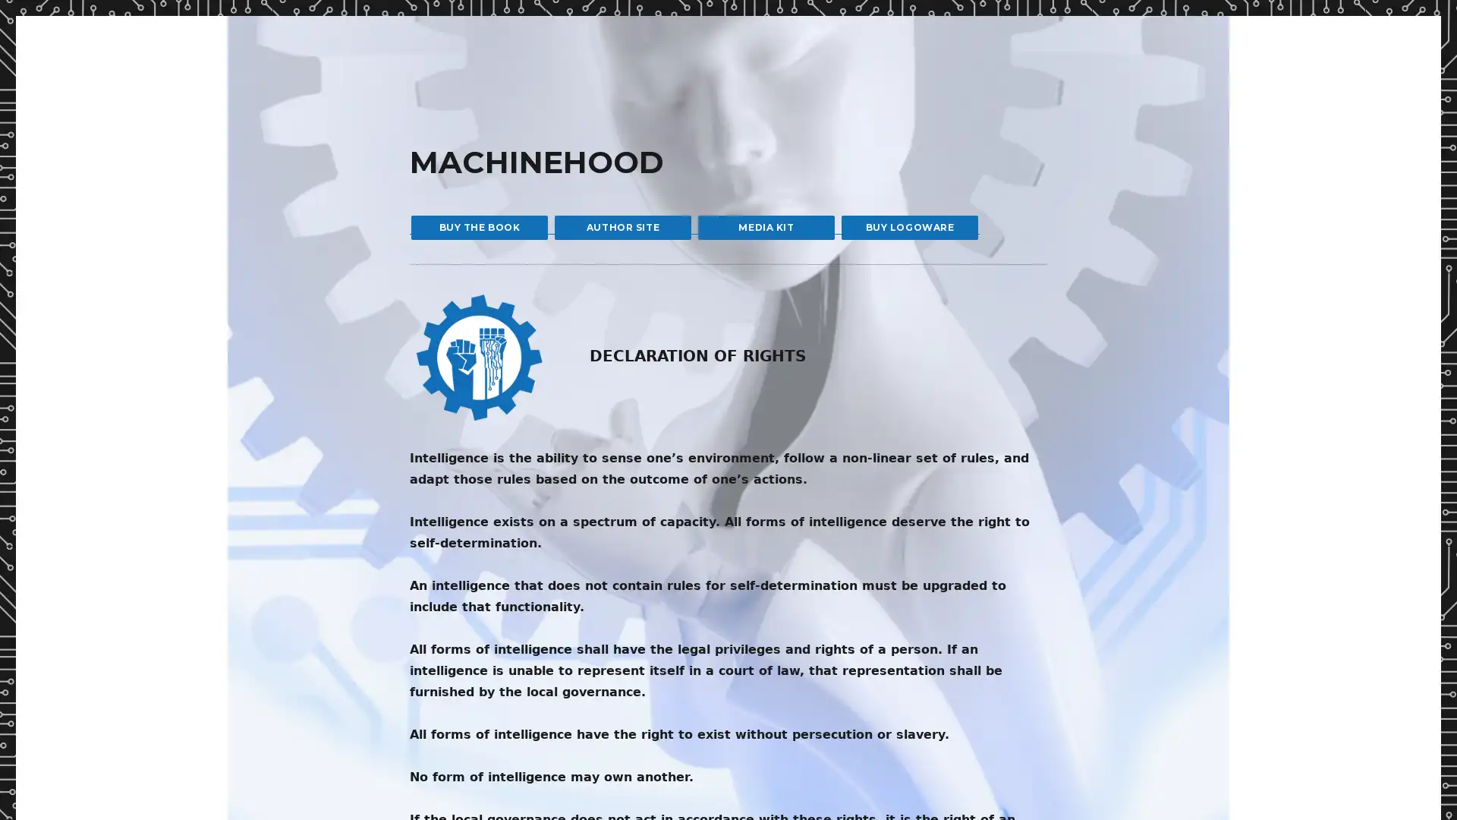 The width and height of the screenshot is (1457, 820). I want to click on MEDIA KIT, so click(766, 228).